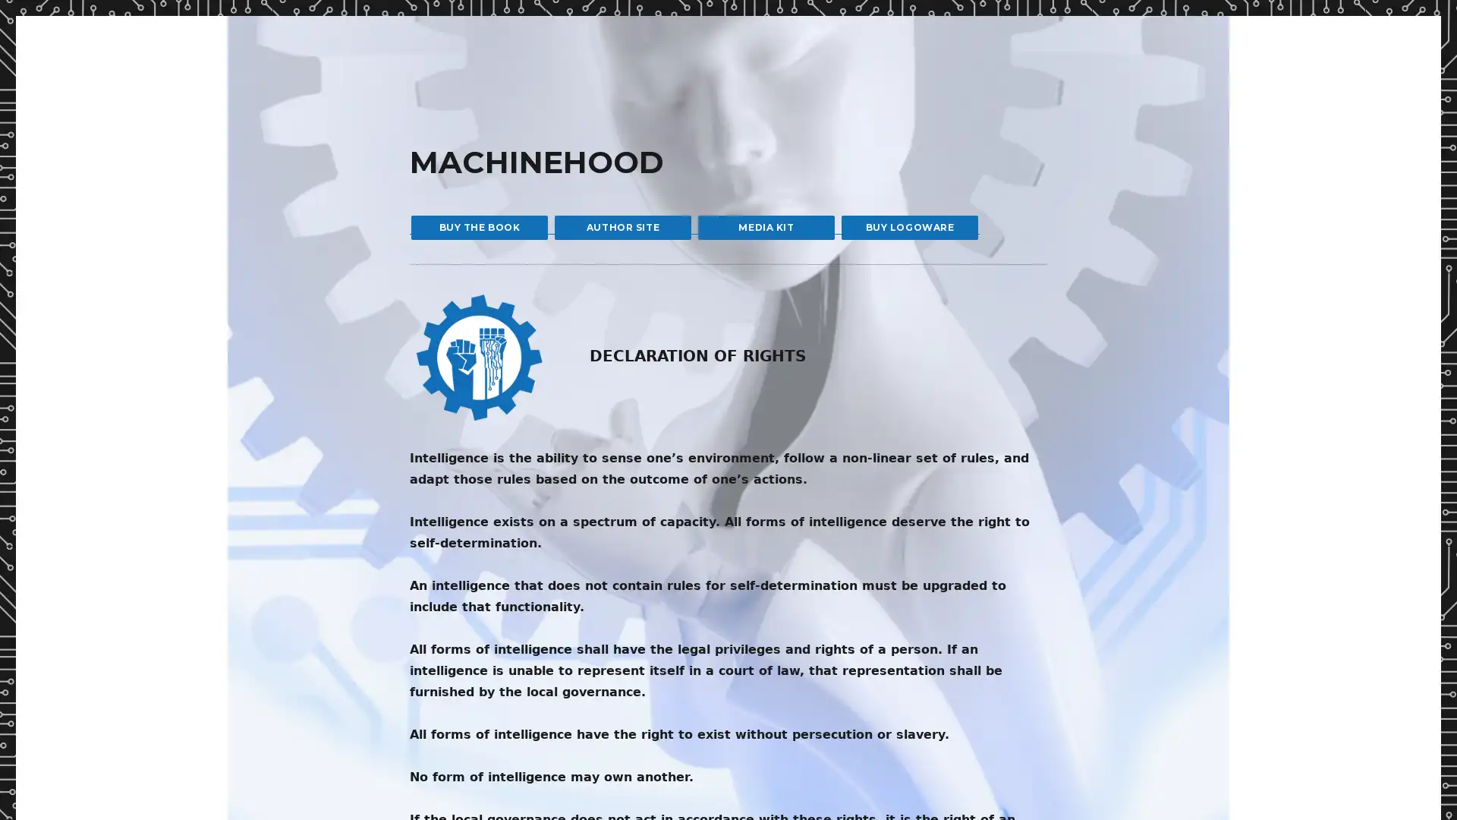 The width and height of the screenshot is (1457, 820). I want to click on MEDIA KIT, so click(766, 228).